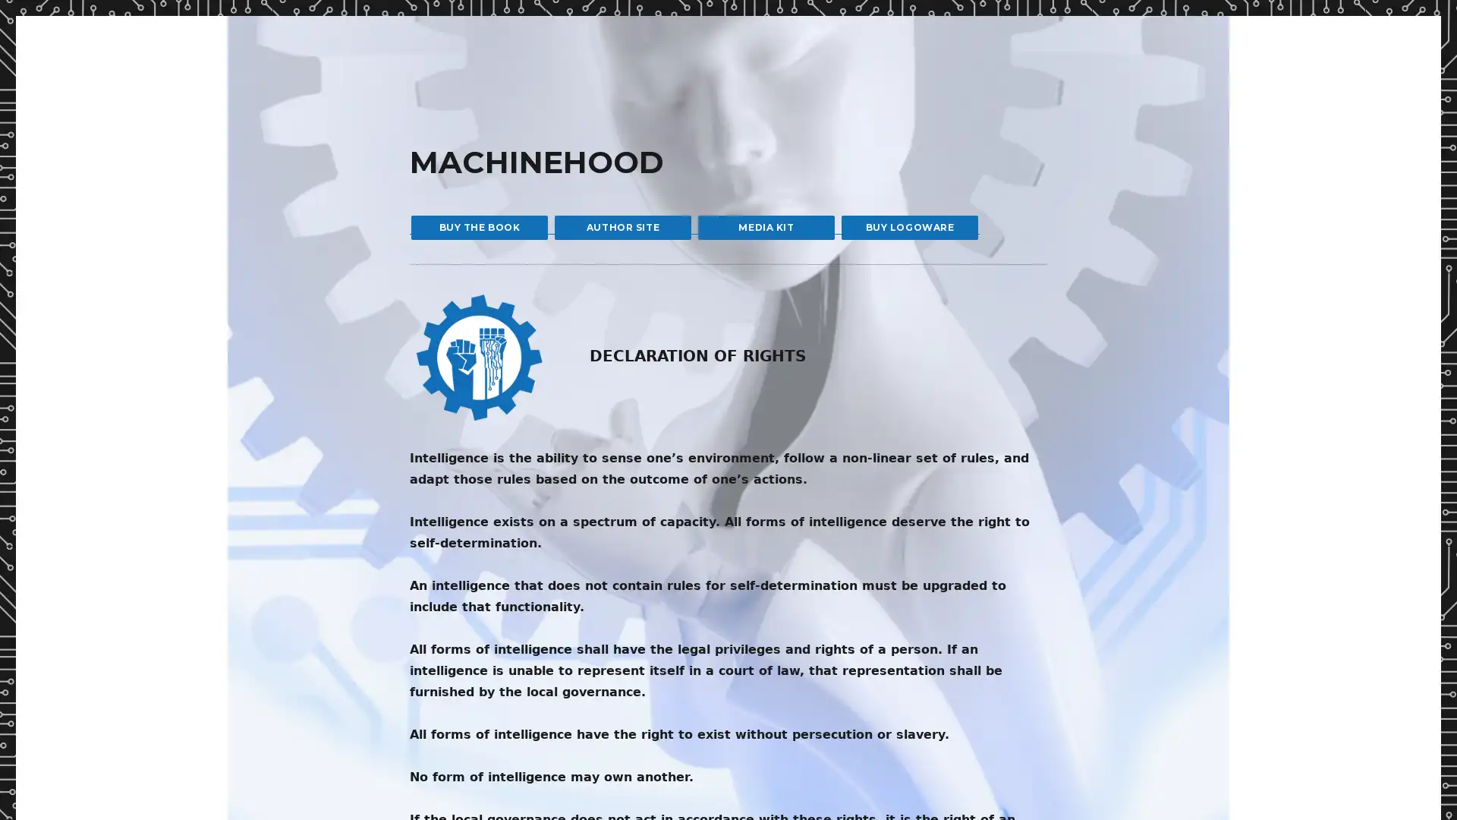 The width and height of the screenshot is (1457, 820). I want to click on MEDIA KIT, so click(766, 228).